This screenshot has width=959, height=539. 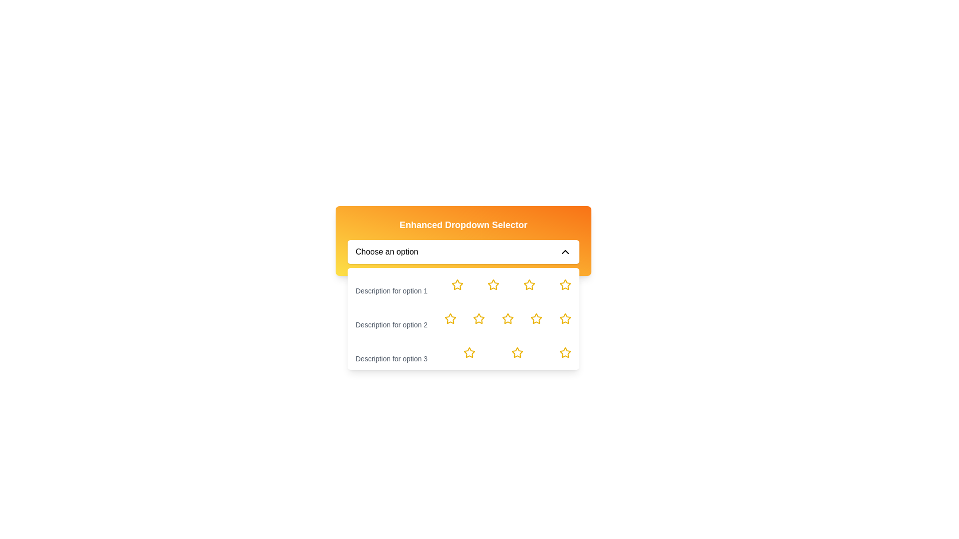 I want to click on the third yellow star icon used for rating next to the text 'Description for option 3', so click(x=517, y=352).